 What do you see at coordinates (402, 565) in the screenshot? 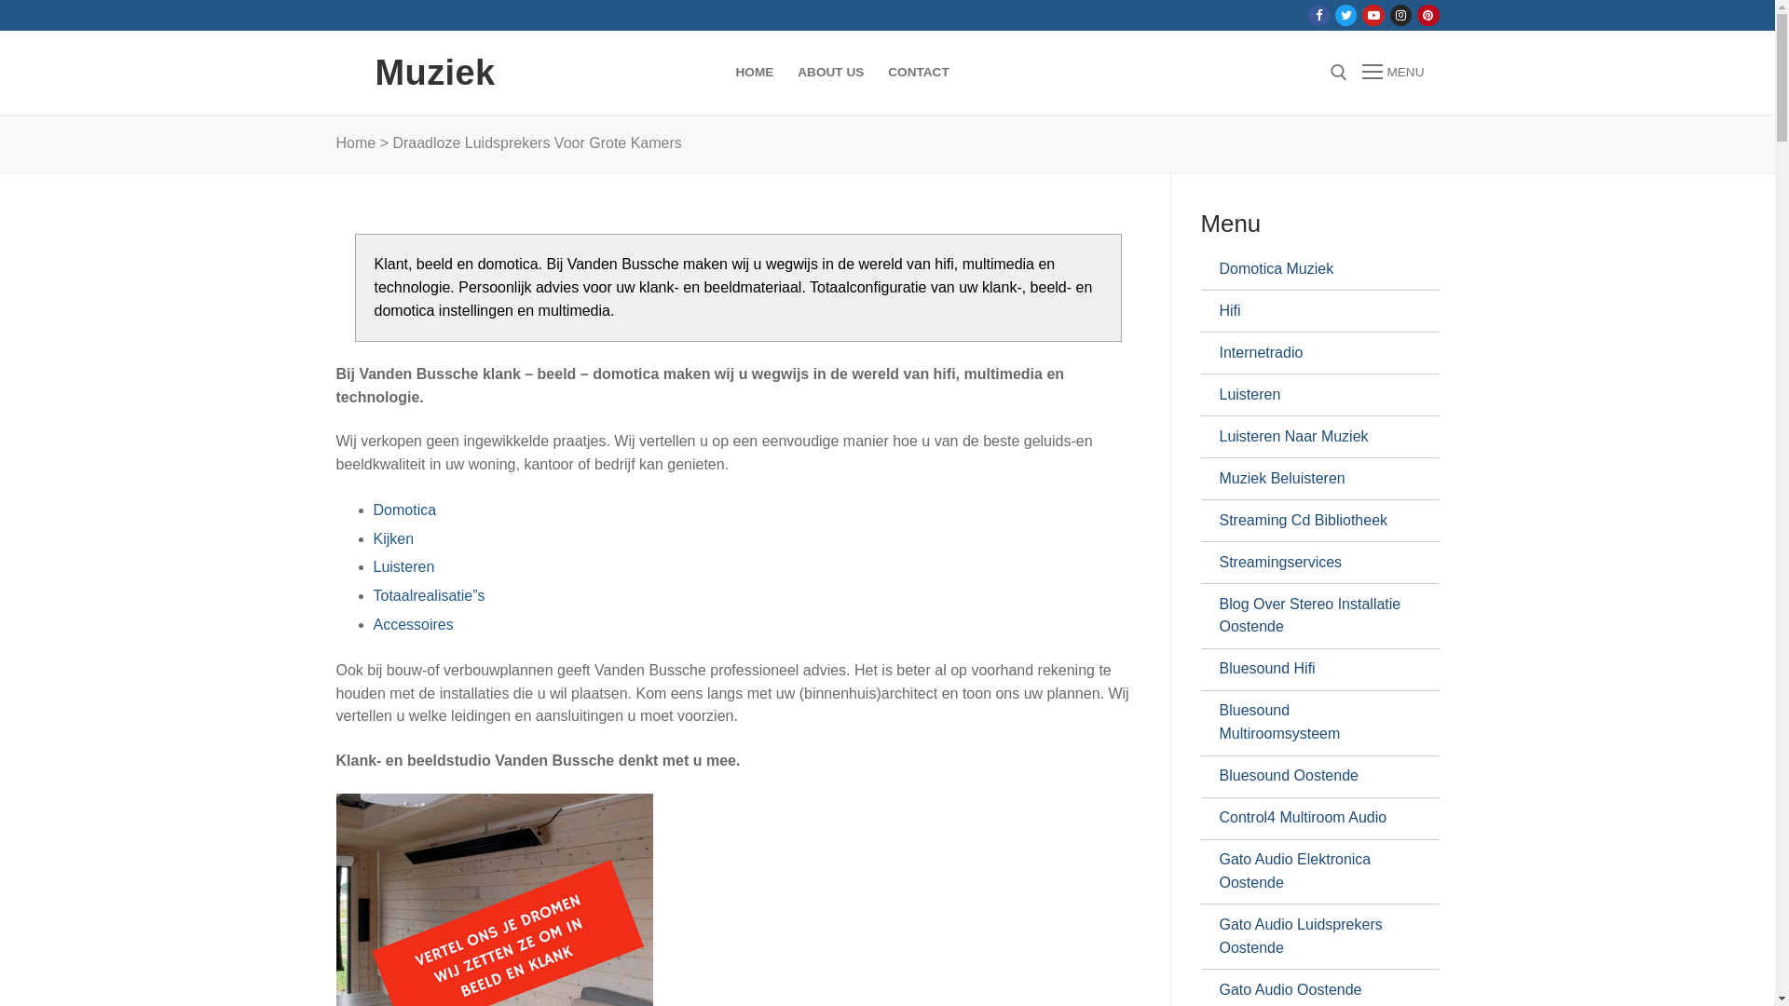
I see `'Luisteren'` at bounding box center [402, 565].